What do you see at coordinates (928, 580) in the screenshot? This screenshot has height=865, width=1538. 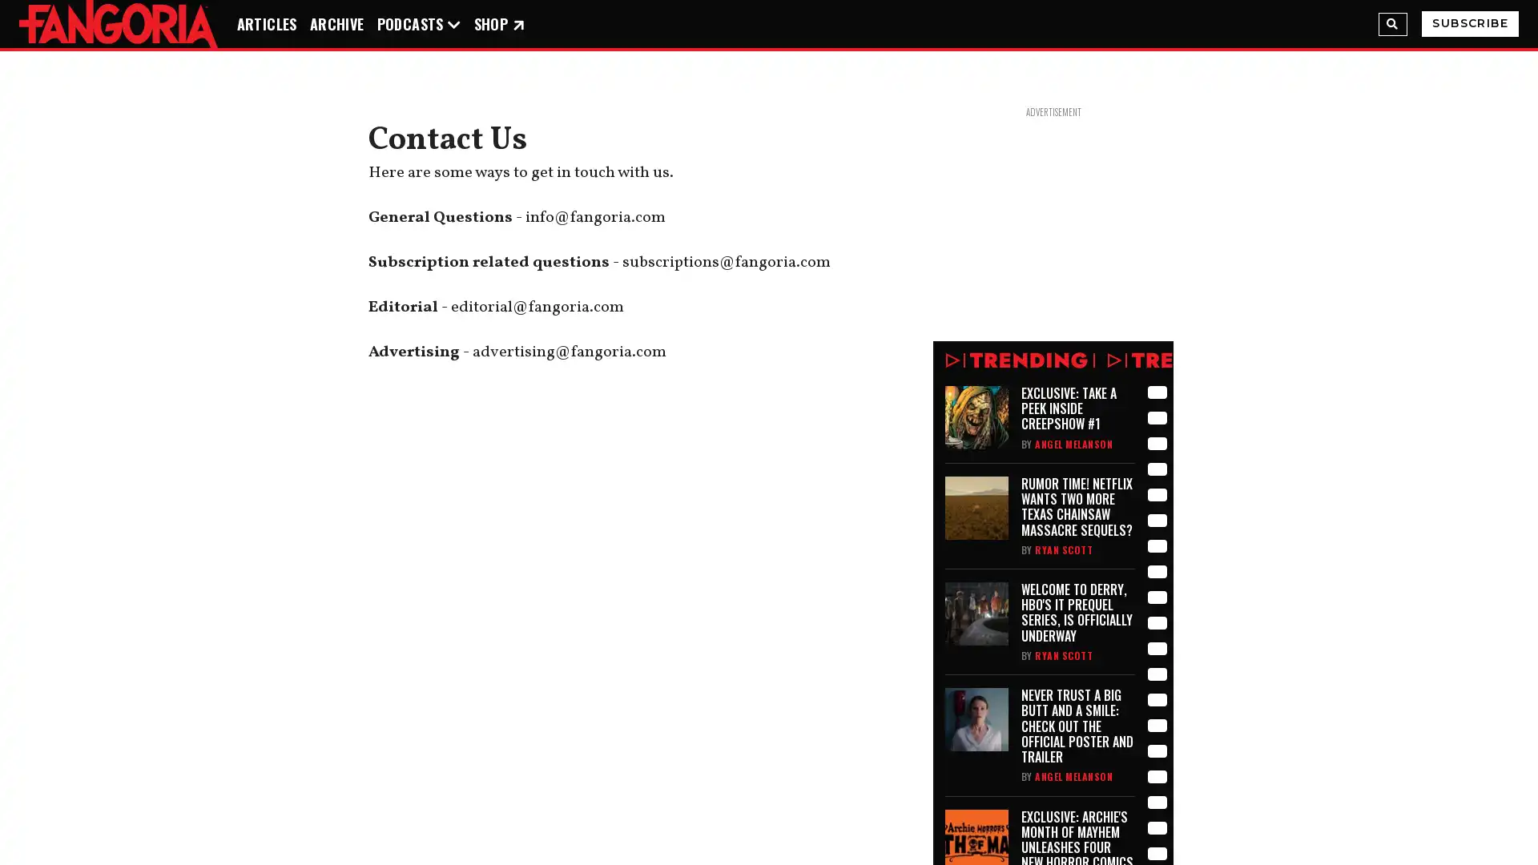 I see `Close form` at bounding box center [928, 580].